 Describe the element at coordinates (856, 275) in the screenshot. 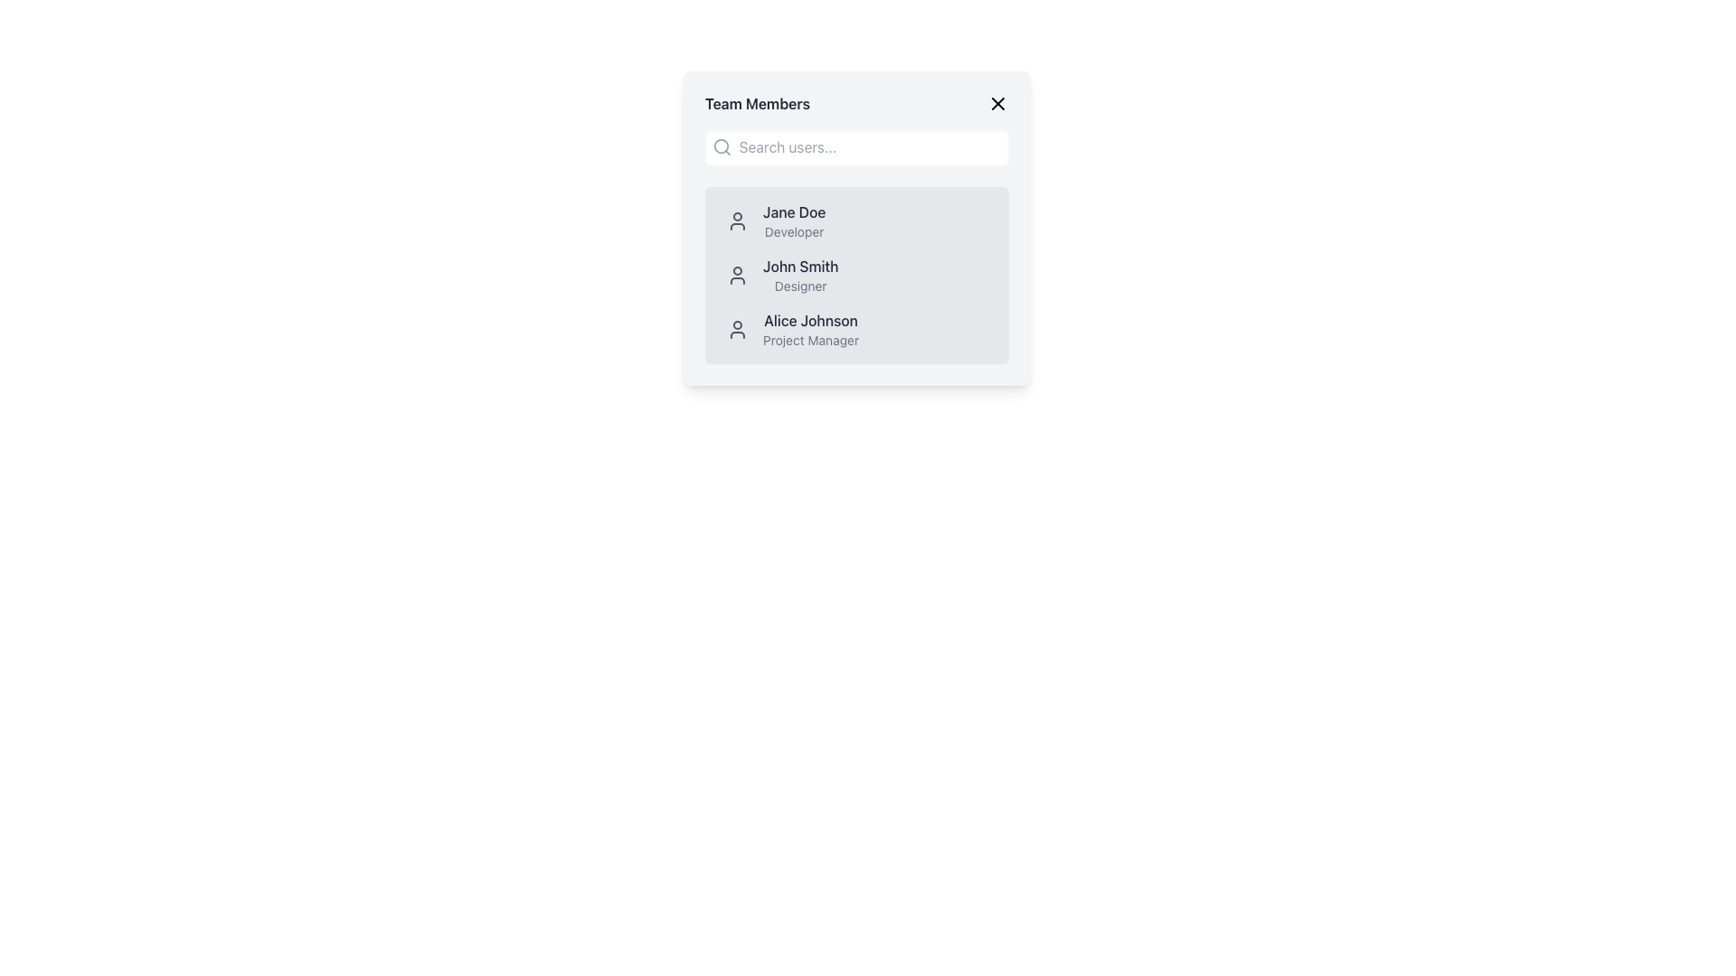

I see `the informational display for the team member positioned below 'Jane Doe' and above 'Alice Johnson'` at that location.